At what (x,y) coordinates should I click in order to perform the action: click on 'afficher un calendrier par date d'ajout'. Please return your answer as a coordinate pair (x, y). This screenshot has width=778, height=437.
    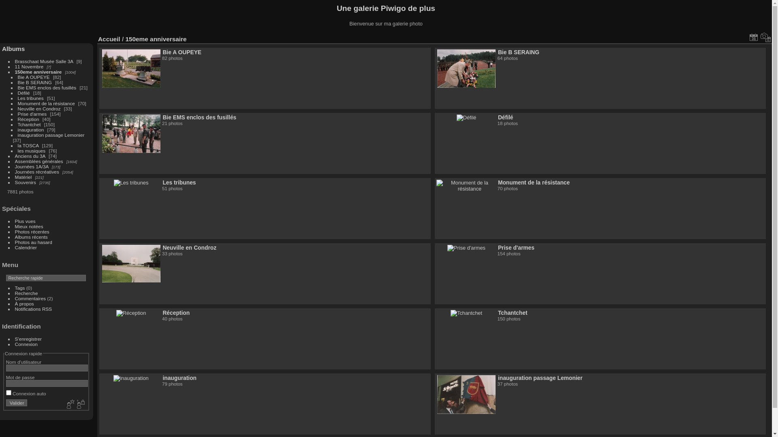
    Looking at the image, I should click on (753, 37).